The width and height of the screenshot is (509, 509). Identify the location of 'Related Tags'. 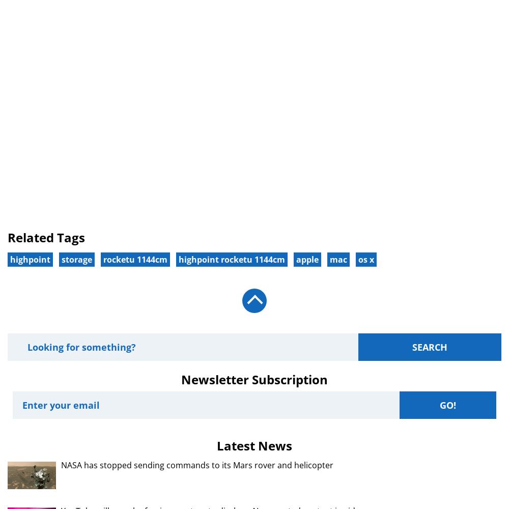
(46, 236).